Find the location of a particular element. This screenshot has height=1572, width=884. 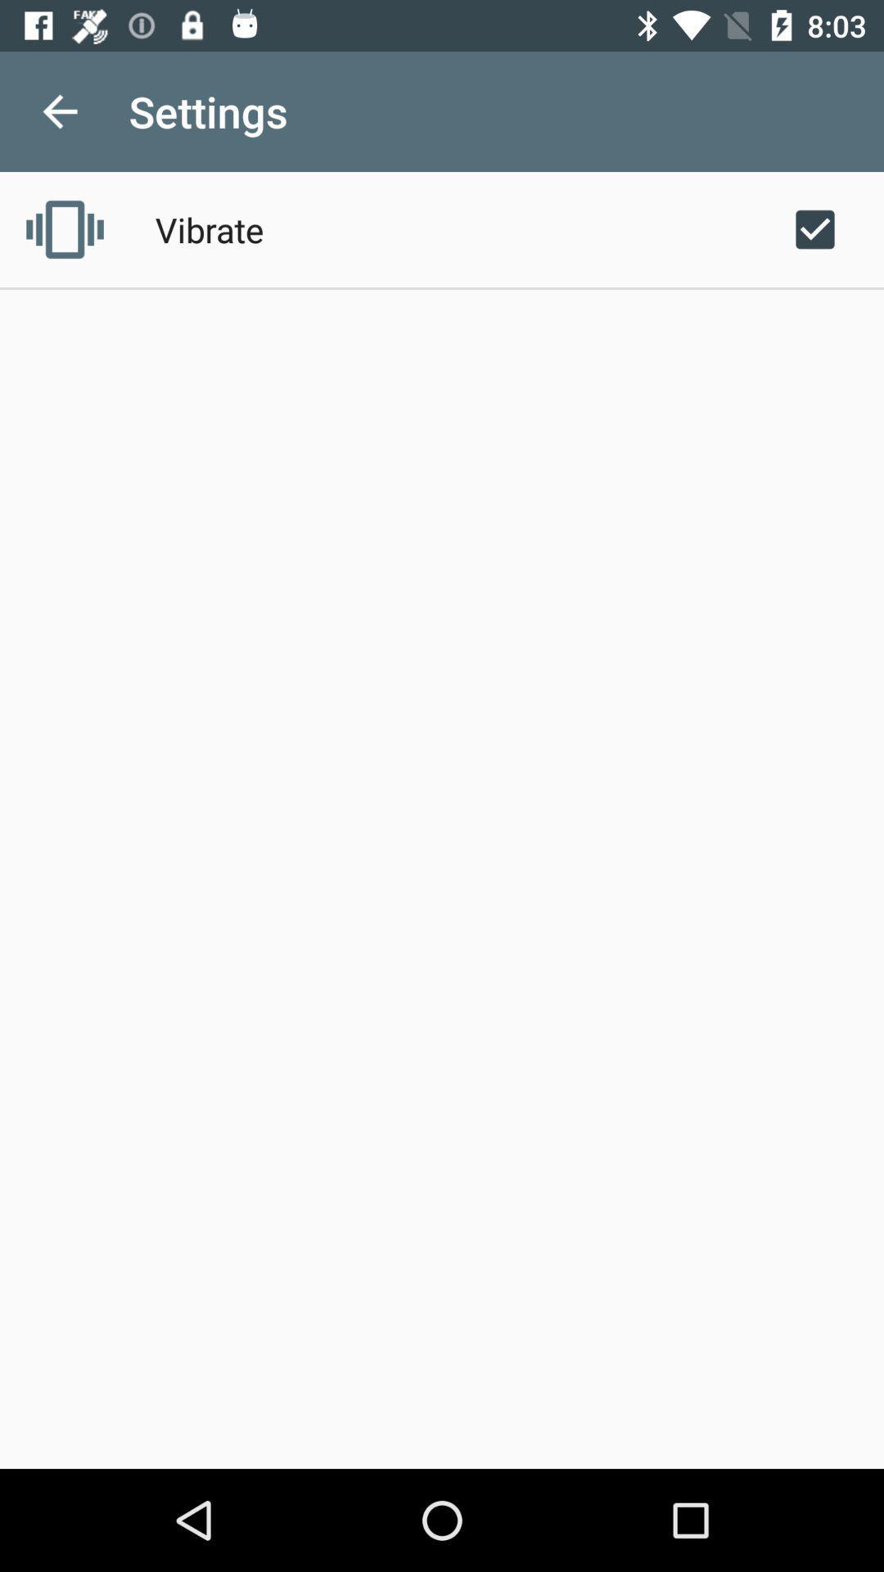

previous is located at coordinates (59, 111).